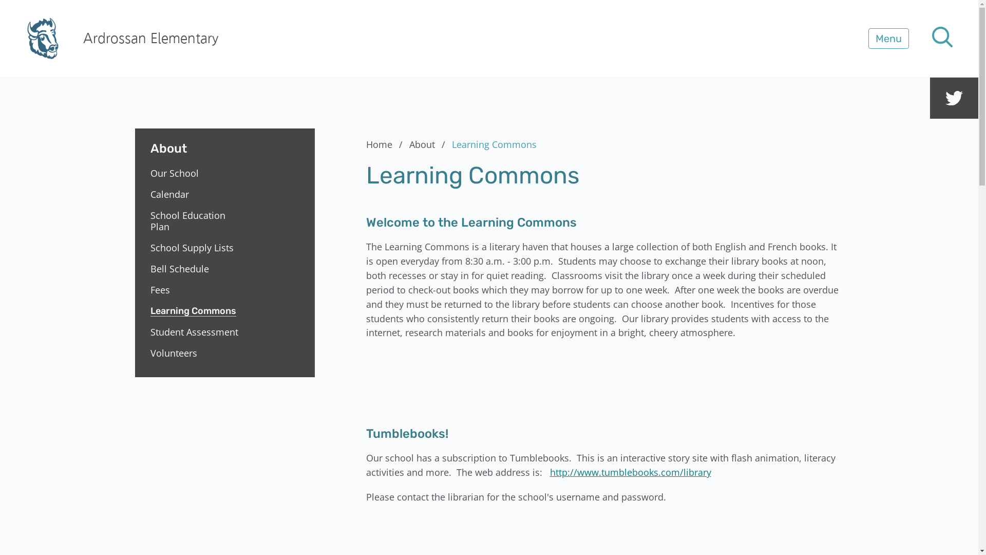 This screenshot has height=555, width=986. Describe the element at coordinates (888, 38) in the screenshot. I see `'Menu'` at that location.